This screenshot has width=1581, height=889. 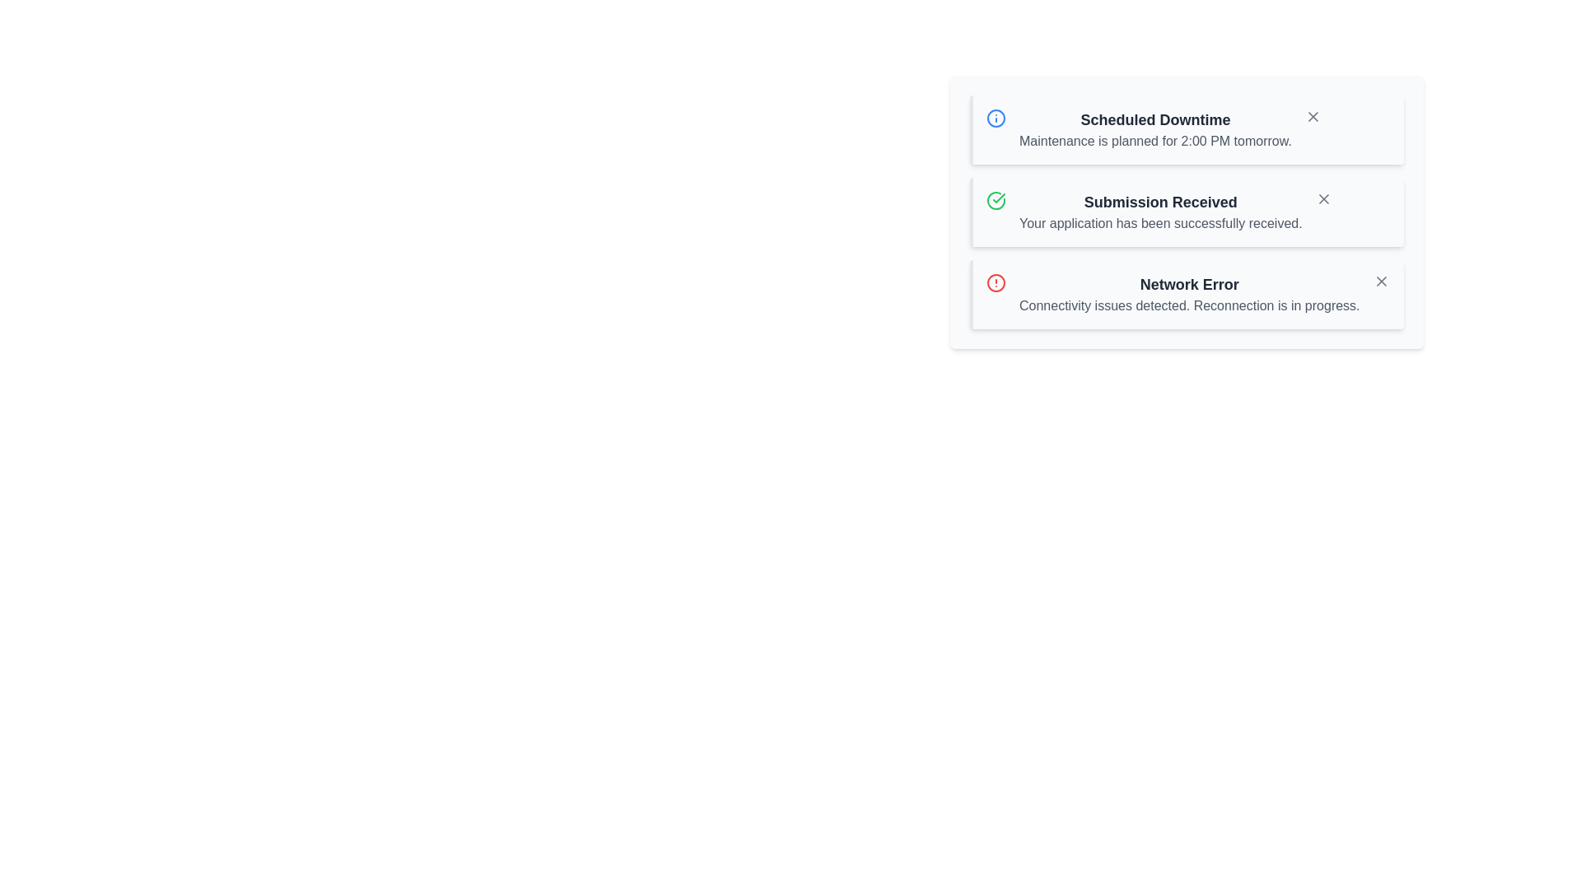 What do you see at coordinates (1154, 119) in the screenshot?
I see `the text label that serves as the title or headline of a notification, located at the top of the first notification card in a vertical stack` at bounding box center [1154, 119].